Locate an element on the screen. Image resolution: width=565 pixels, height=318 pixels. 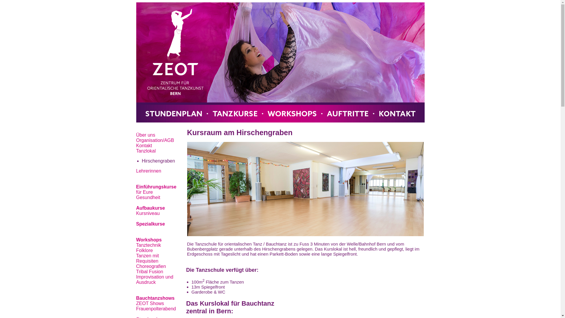
'Bauchtanzkurse in Bern' is located at coordinates (280, 62).